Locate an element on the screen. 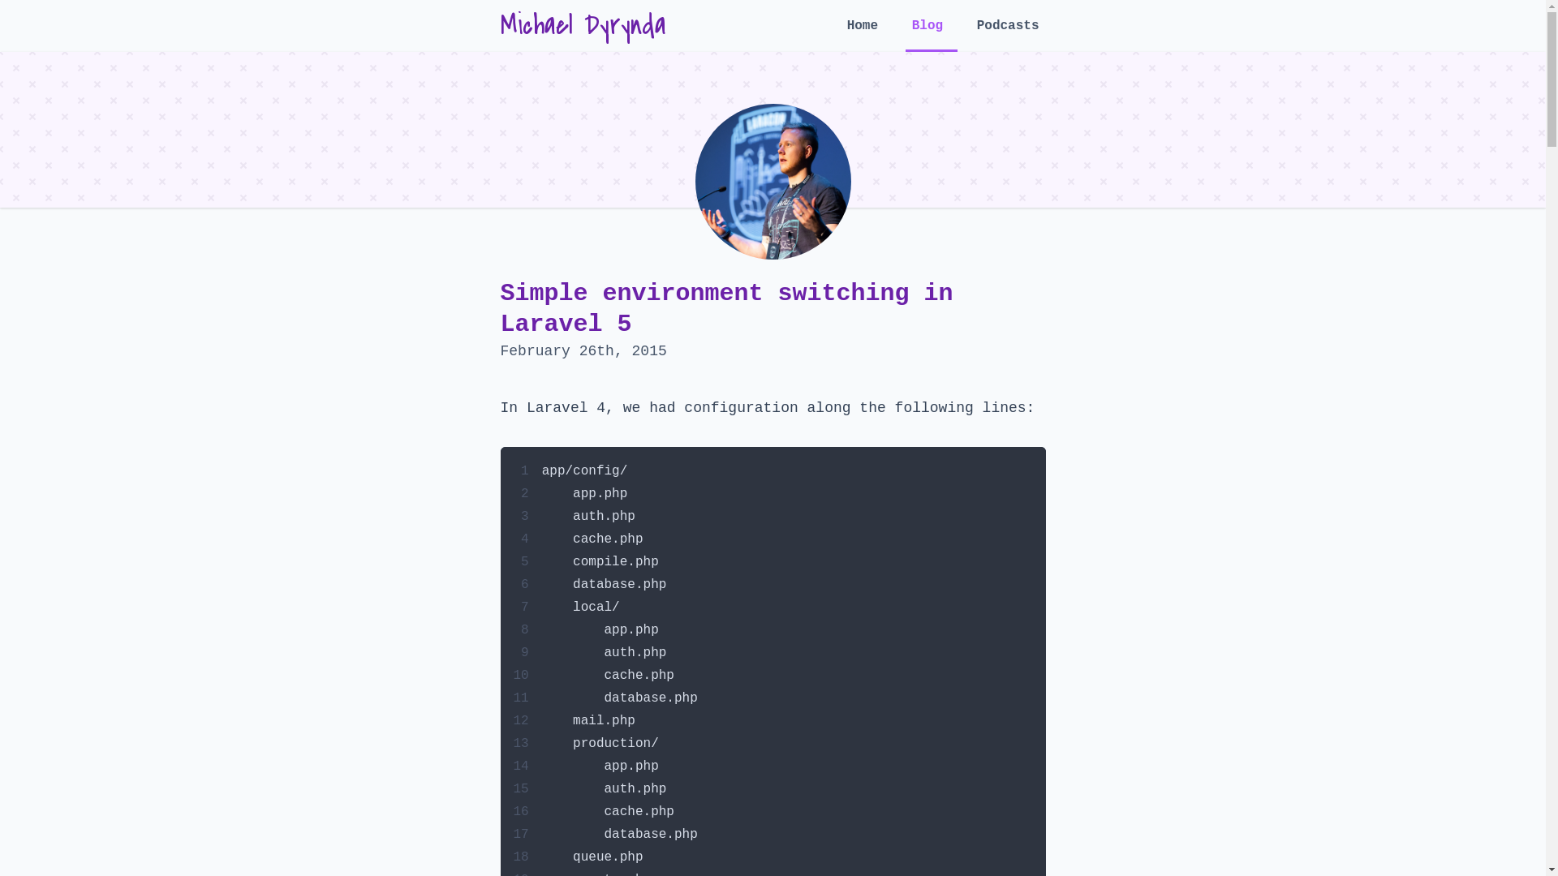 Image resolution: width=1558 pixels, height=876 pixels. 'Michael Dyrynda' is located at coordinates (583, 25).